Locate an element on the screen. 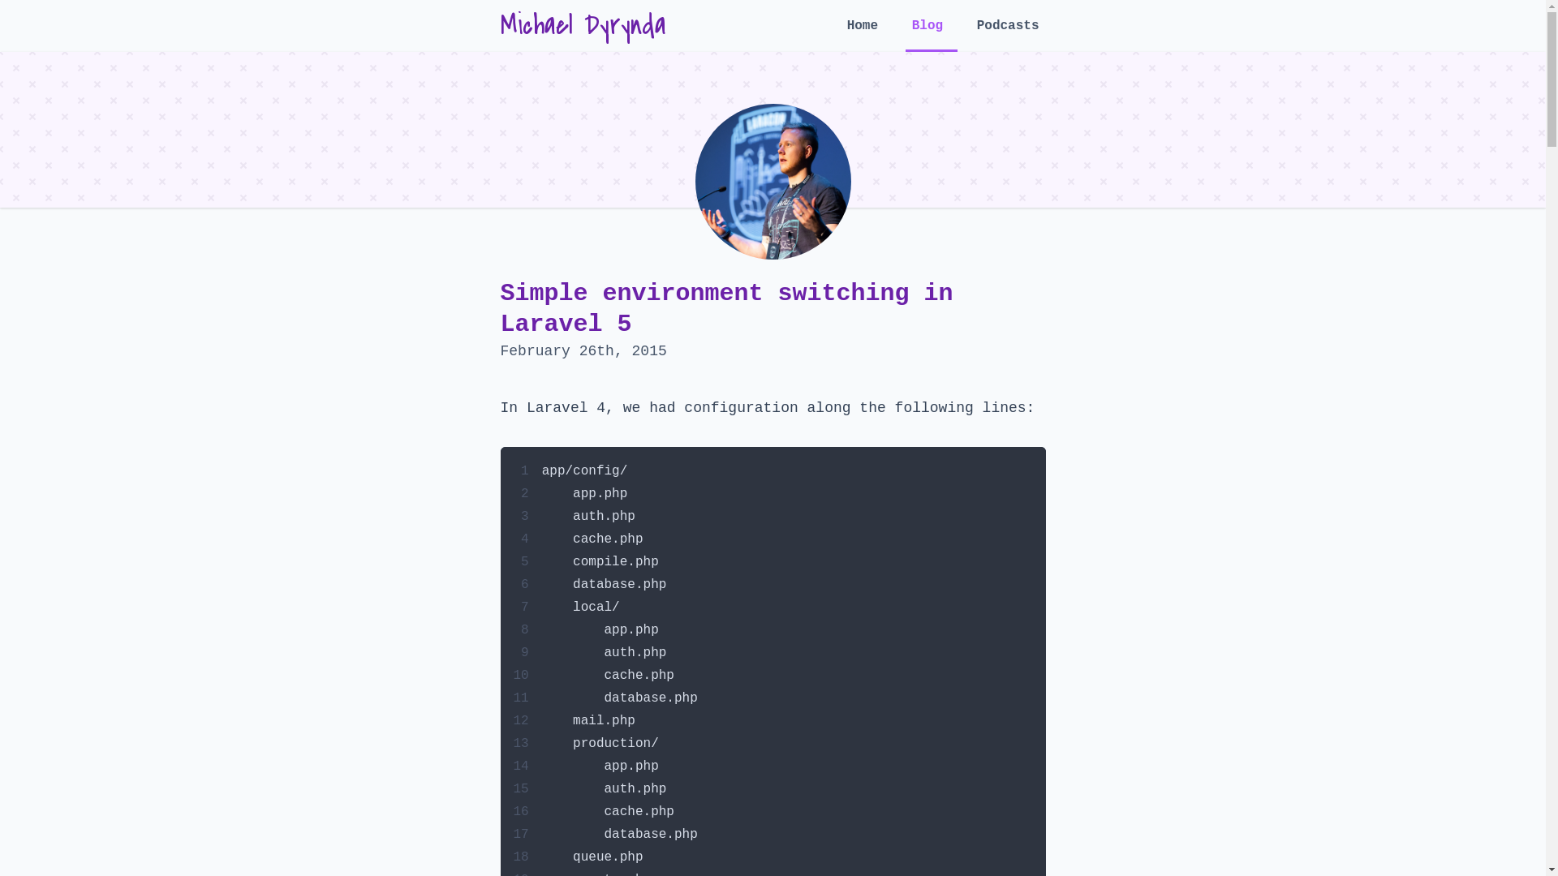 Image resolution: width=1558 pixels, height=876 pixels. 'Michael Dyrynda' is located at coordinates (583, 25).